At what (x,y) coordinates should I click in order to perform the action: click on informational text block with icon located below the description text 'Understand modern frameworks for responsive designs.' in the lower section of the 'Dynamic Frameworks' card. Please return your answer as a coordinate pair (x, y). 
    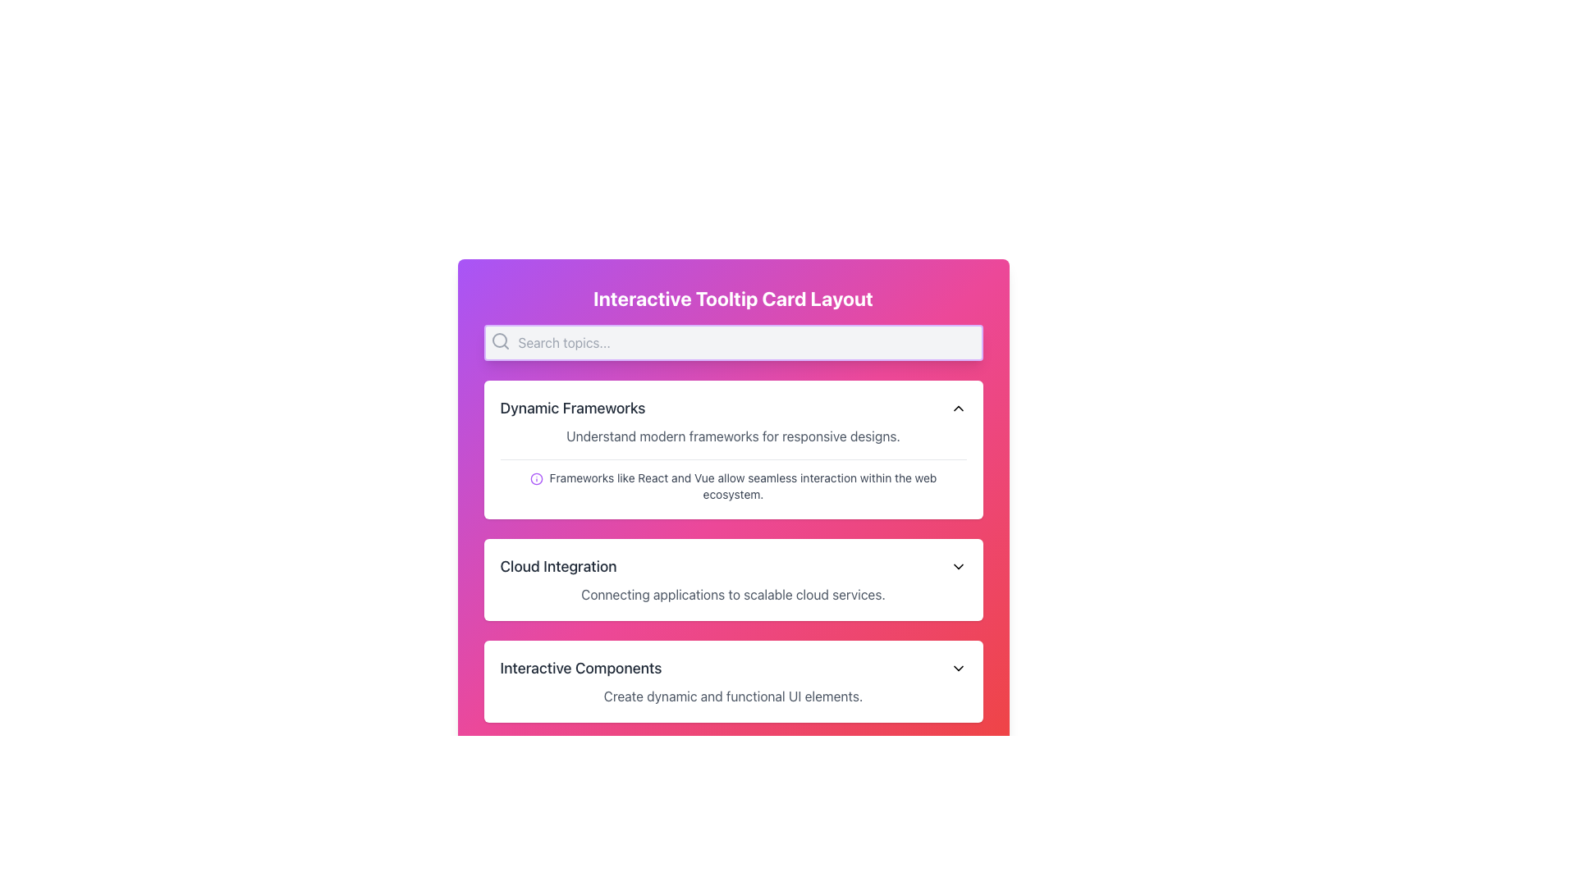
    Looking at the image, I should click on (732, 480).